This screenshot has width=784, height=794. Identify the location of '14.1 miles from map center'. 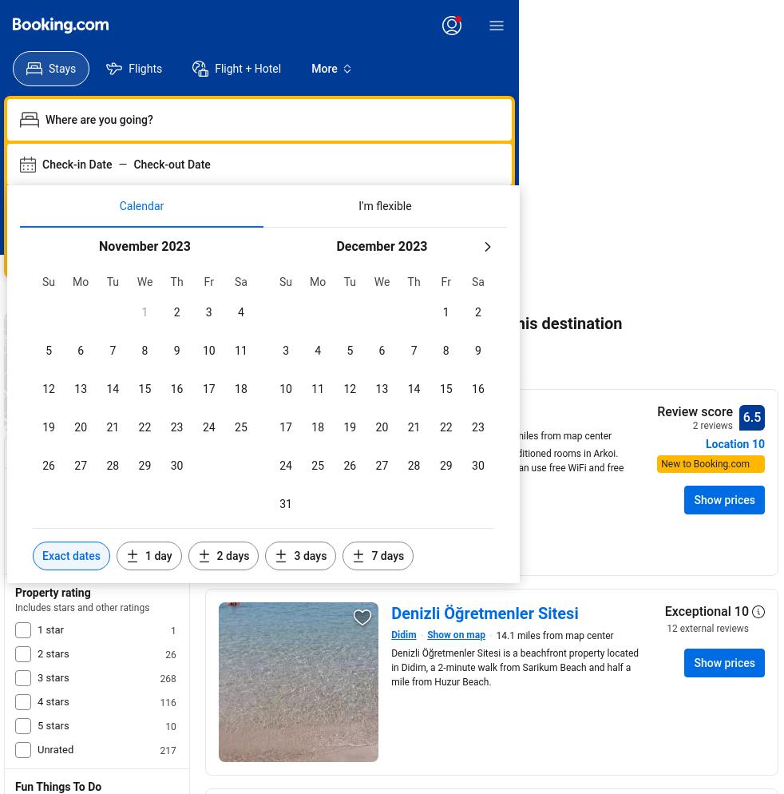
(553, 635).